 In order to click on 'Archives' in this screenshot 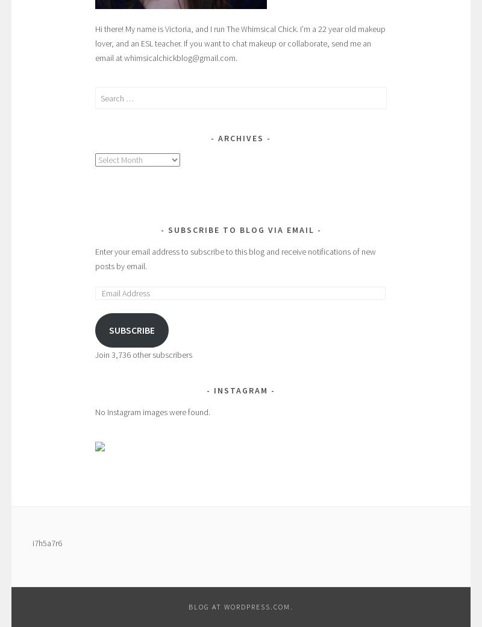, I will do `click(241, 138)`.